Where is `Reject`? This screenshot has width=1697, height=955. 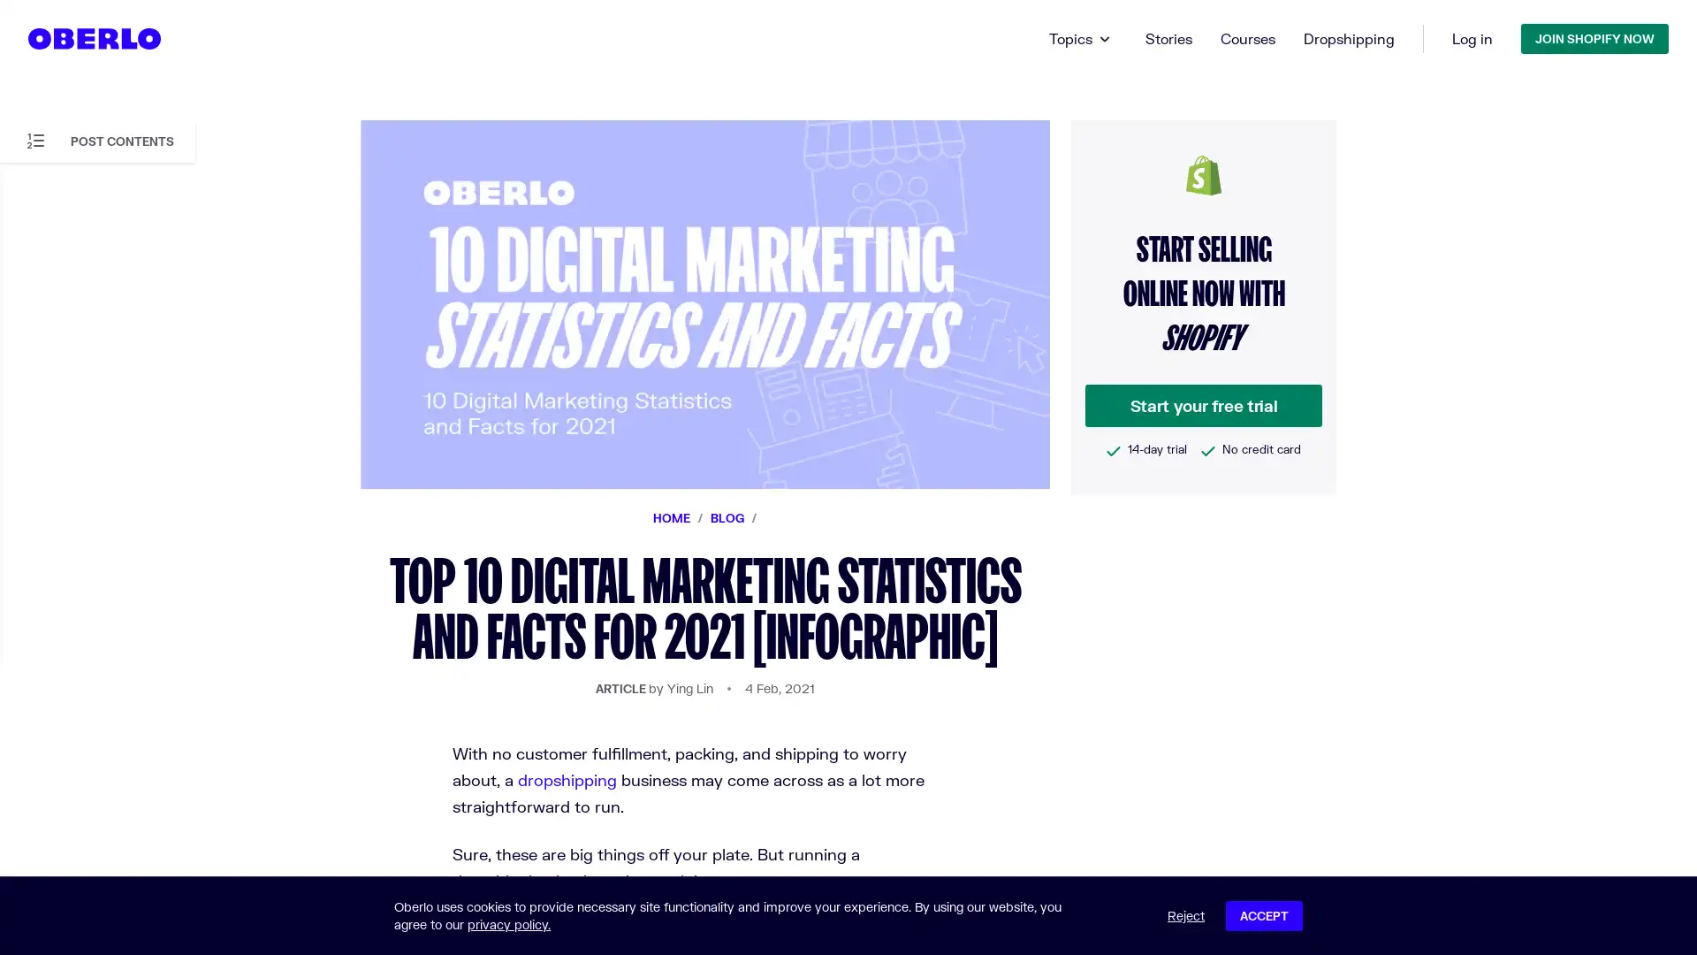
Reject is located at coordinates (1186, 915).